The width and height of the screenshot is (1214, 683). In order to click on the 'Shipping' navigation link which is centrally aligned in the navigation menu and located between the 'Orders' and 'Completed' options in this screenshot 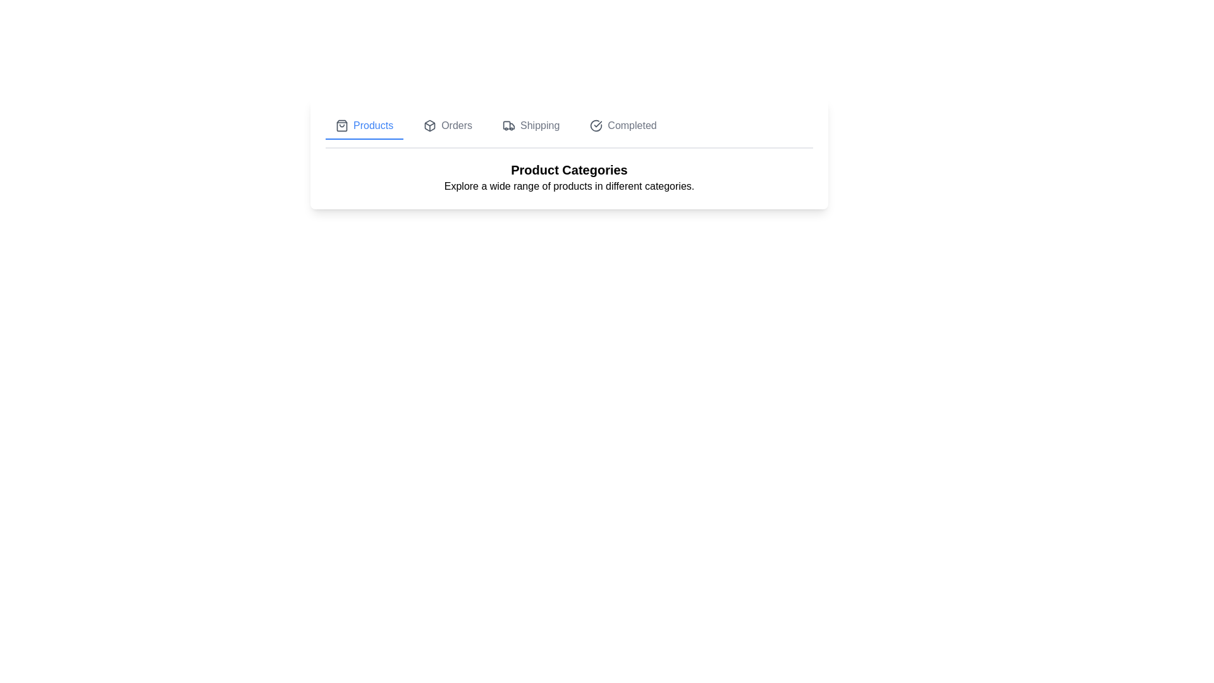, I will do `click(540, 126)`.